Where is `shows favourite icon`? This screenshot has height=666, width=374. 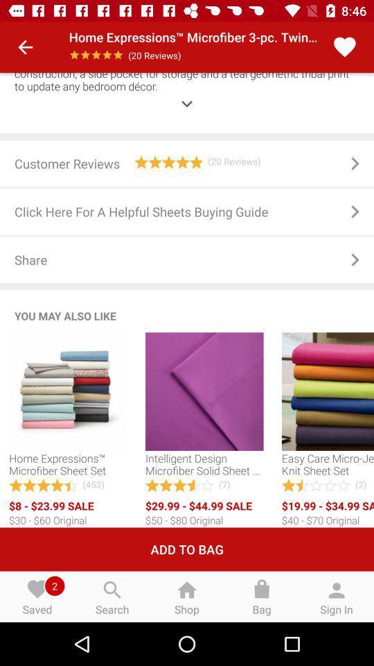
shows favourite icon is located at coordinates (344, 47).